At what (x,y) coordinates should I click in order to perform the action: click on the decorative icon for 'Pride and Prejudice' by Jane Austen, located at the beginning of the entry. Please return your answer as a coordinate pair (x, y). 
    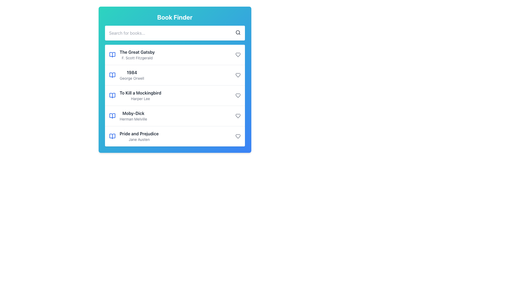
    Looking at the image, I should click on (112, 136).